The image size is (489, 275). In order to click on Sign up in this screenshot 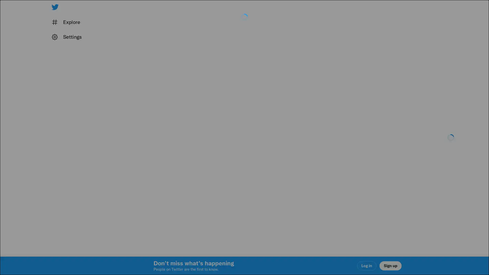, I will do `click(184, 173)`.